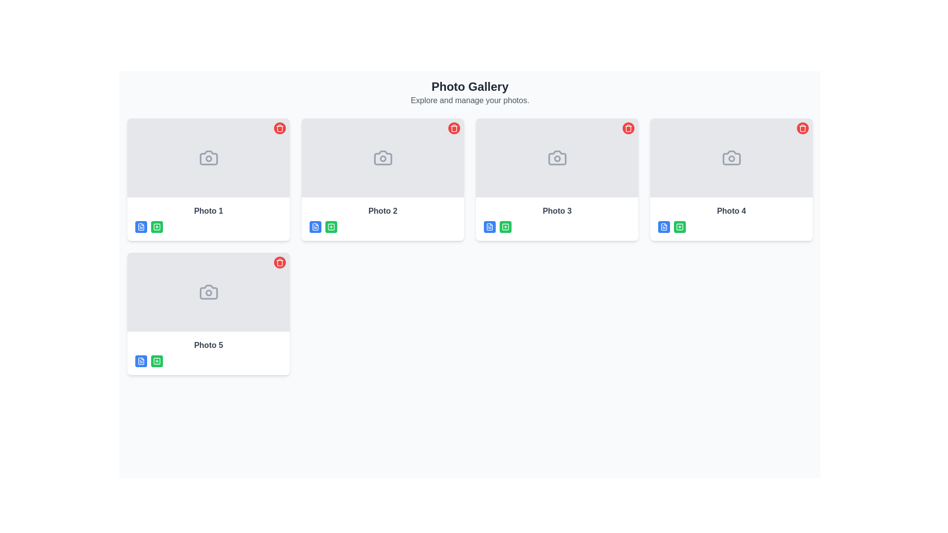 The height and width of the screenshot is (533, 948). I want to click on the decorative SVG shape that is part of the '+' icon located at the center of the 'Photo 5' card, so click(156, 361).